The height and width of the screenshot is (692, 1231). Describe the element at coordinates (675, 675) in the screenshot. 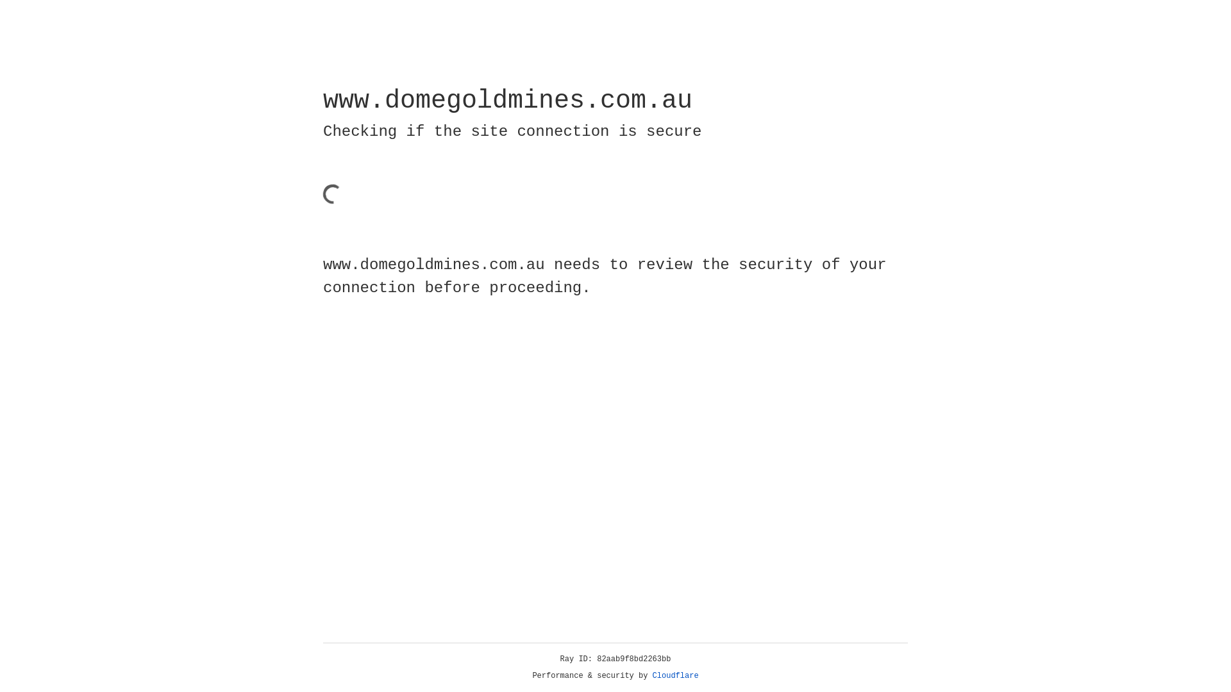

I see `'Cloudflare'` at that location.